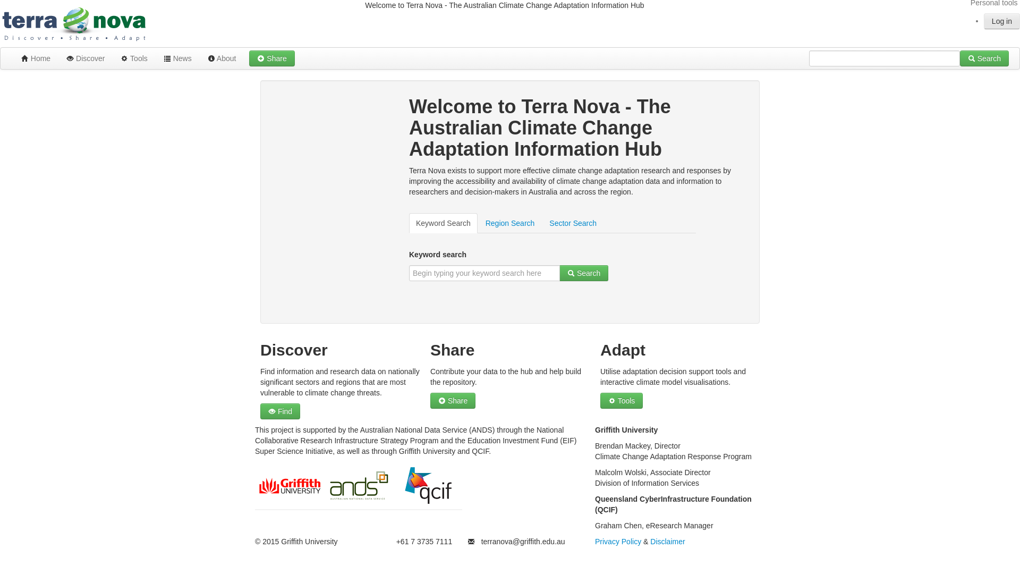  Describe the element at coordinates (221, 58) in the screenshot. I see `'About'` at that location.